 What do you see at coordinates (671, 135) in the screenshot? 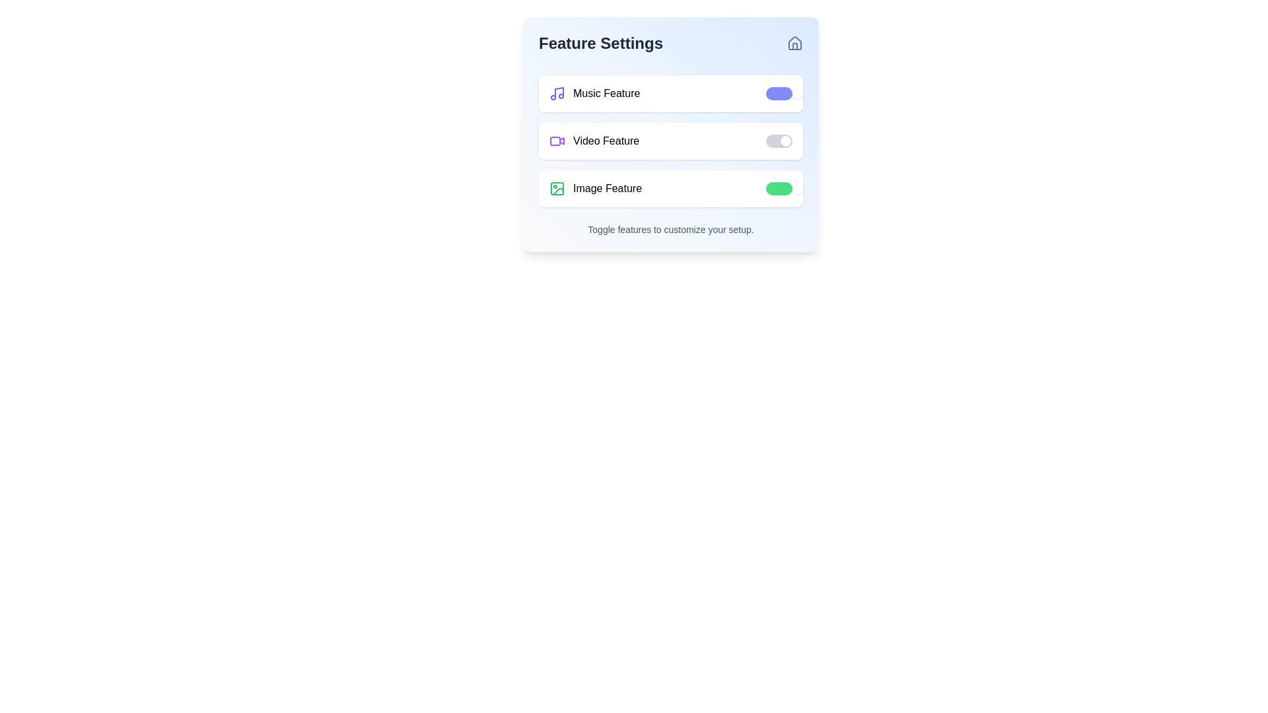
I see `the specific feature rows in the Settings panel` at bounding box center [671, 135].